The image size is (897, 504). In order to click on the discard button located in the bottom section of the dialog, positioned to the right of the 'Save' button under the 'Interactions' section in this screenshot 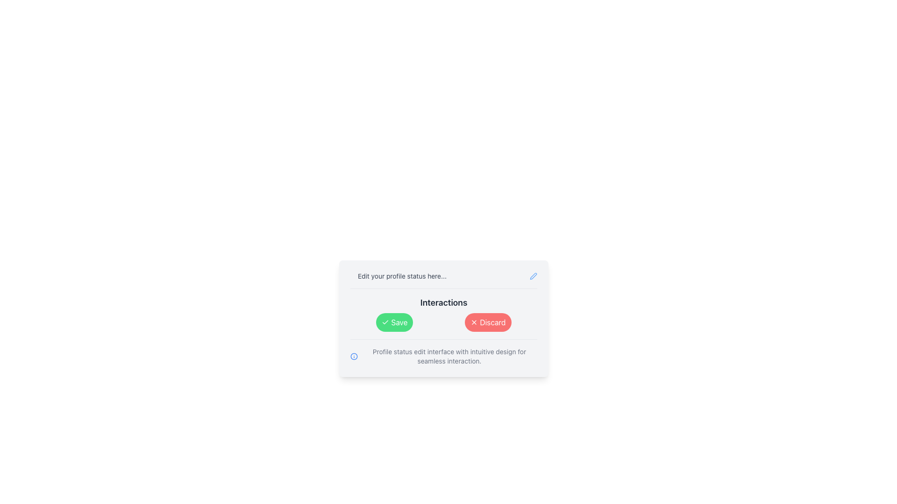, I will do `click(487, 322)`.